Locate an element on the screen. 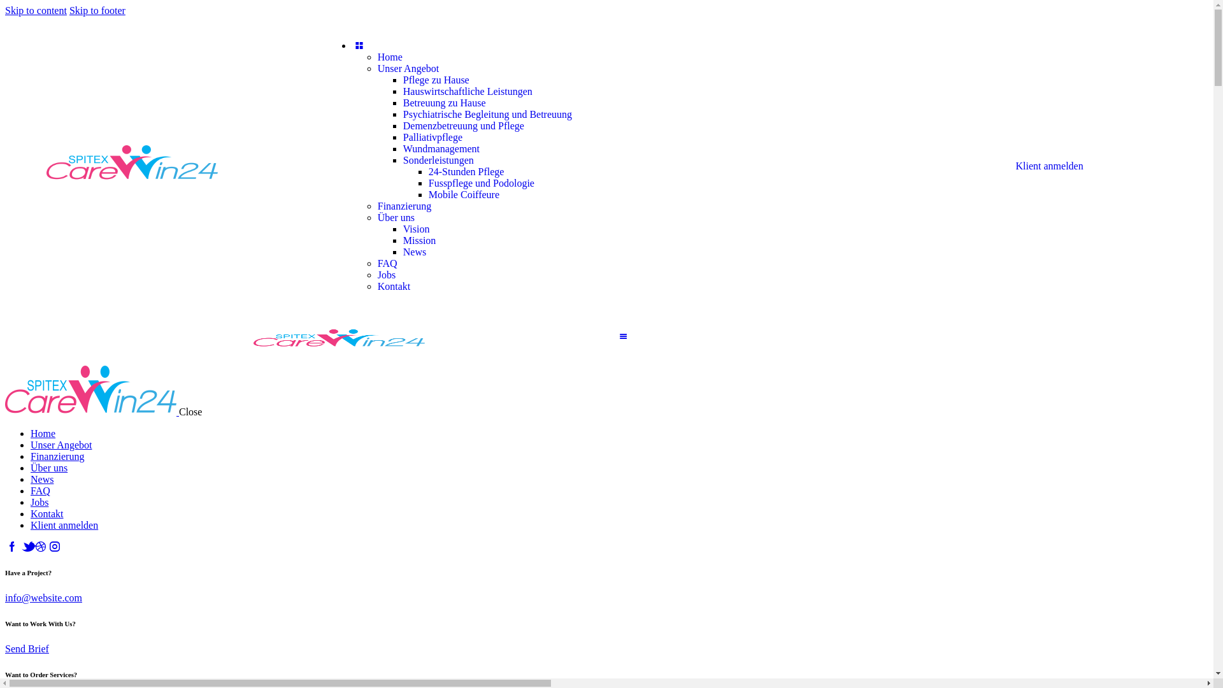 This screenshot has width=1223, height=688. 'Send Brief' is located at coordinates (27, 649).